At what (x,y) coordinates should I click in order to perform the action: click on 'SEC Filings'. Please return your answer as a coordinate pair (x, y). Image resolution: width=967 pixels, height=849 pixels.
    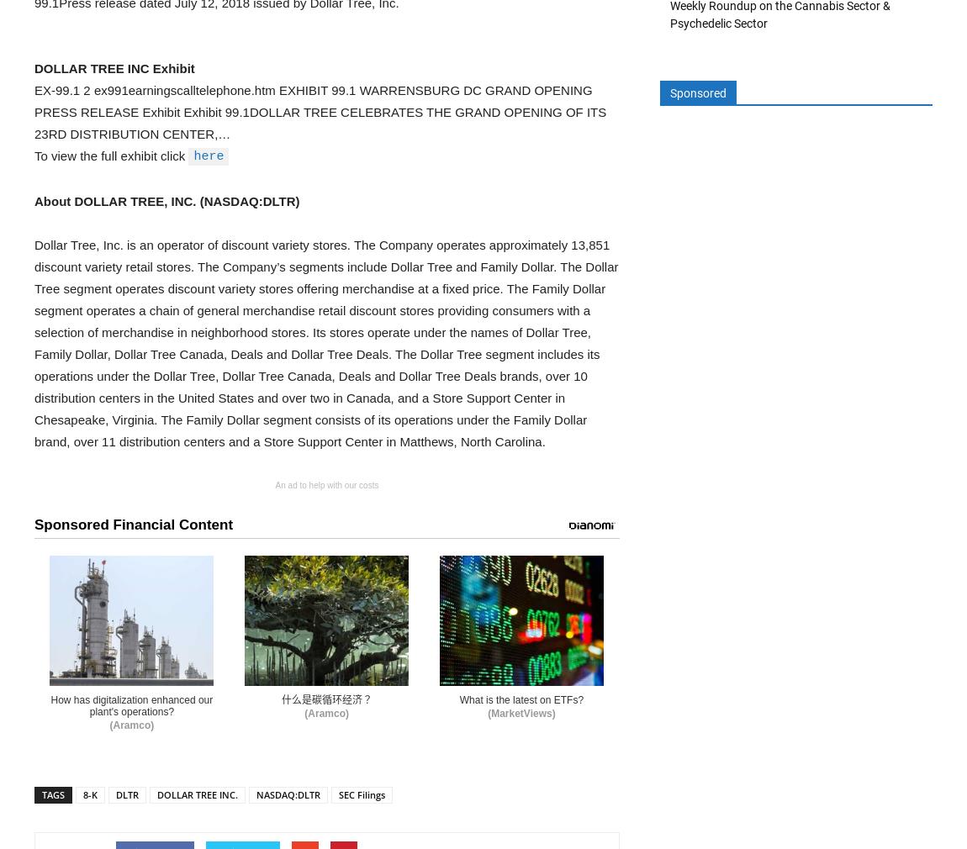
    Looking at the image, I should click on (362, 794).